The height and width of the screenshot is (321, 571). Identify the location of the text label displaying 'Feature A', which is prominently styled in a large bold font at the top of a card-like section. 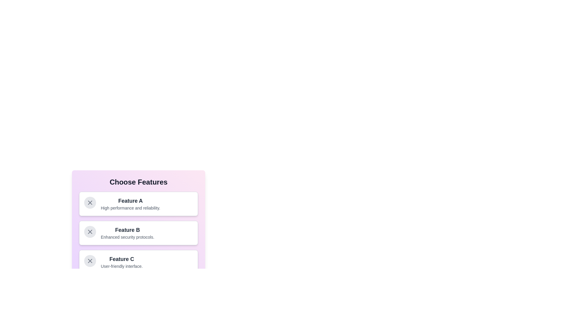
(130, 201).